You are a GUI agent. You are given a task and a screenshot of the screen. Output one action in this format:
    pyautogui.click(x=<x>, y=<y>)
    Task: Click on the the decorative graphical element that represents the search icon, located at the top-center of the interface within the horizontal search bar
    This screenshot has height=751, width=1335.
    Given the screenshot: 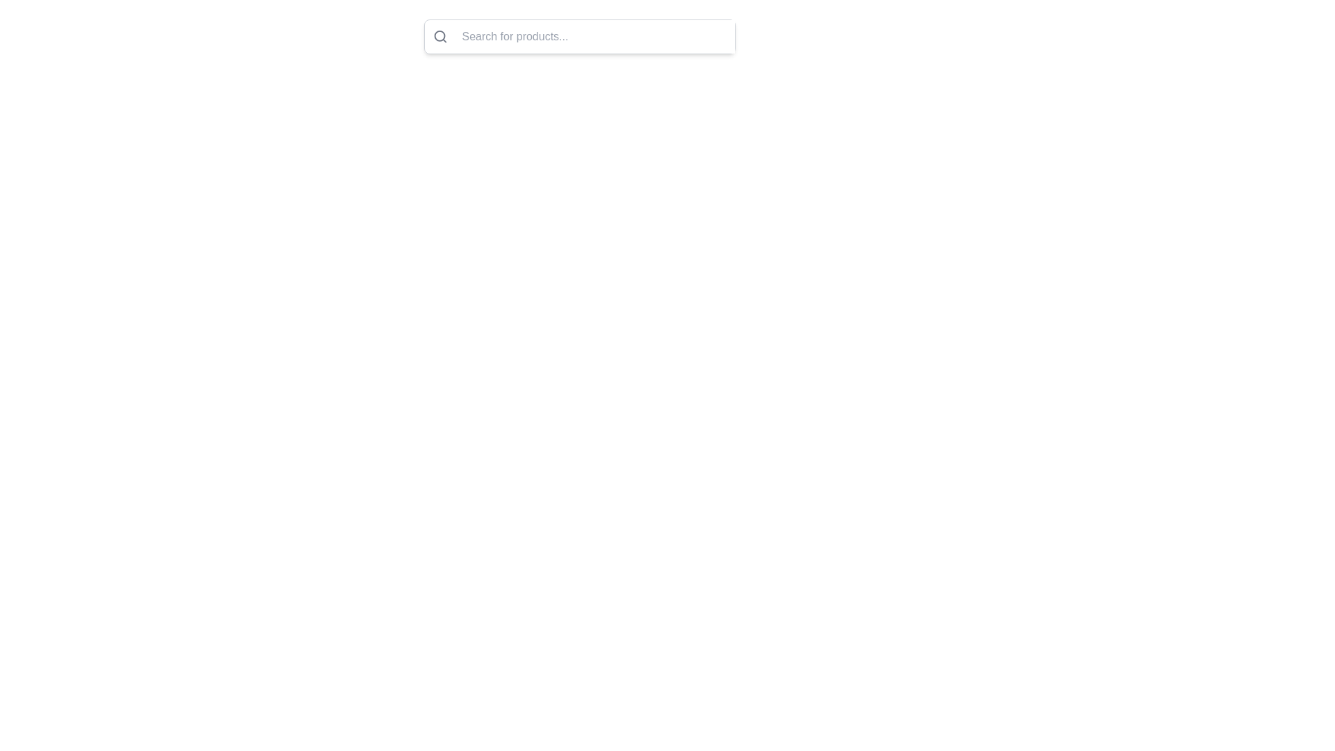 What is the action you would take?
    pyautogui.click(x=439, y=35)
    